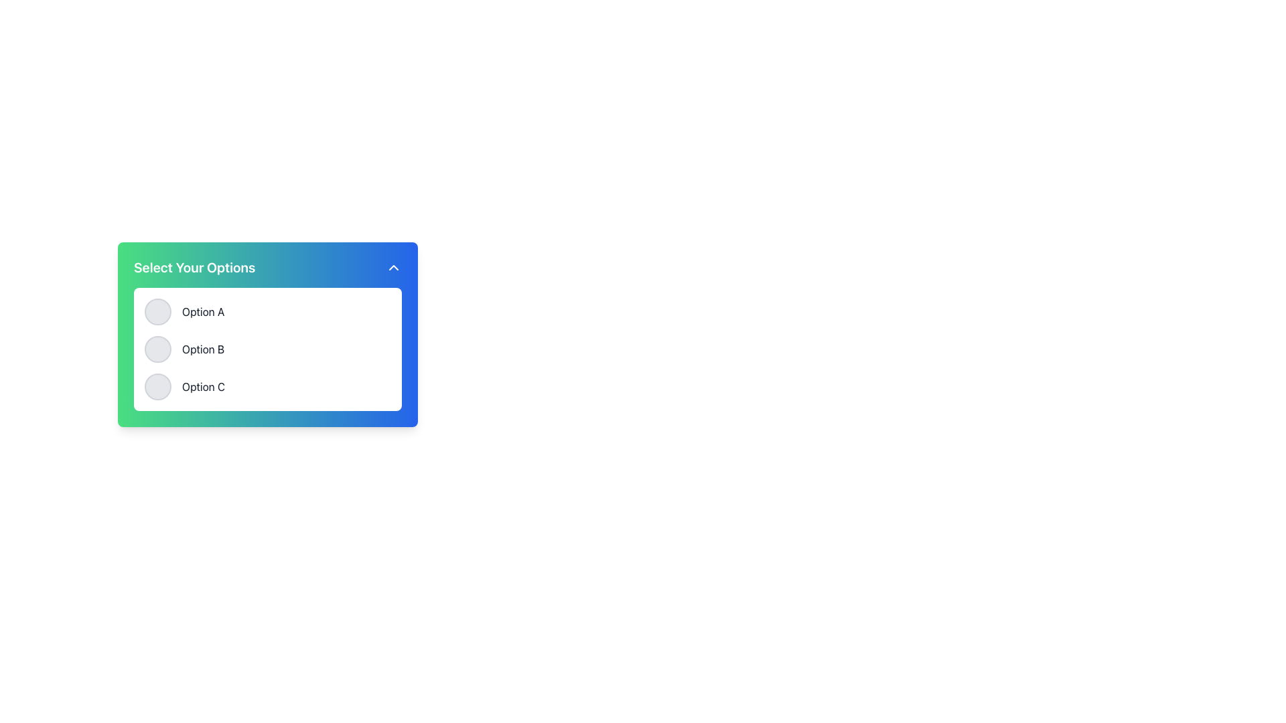 This screenshot has width=1286, height=723. I want to click on the circular radio button with a light gray background and thin gray border located to the left of 'Option C' in the third row of options, so click(157, 387).